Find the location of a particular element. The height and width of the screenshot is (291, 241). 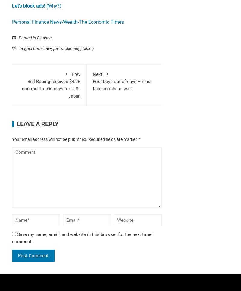

'Prev' is located at coordinates (76, 74).